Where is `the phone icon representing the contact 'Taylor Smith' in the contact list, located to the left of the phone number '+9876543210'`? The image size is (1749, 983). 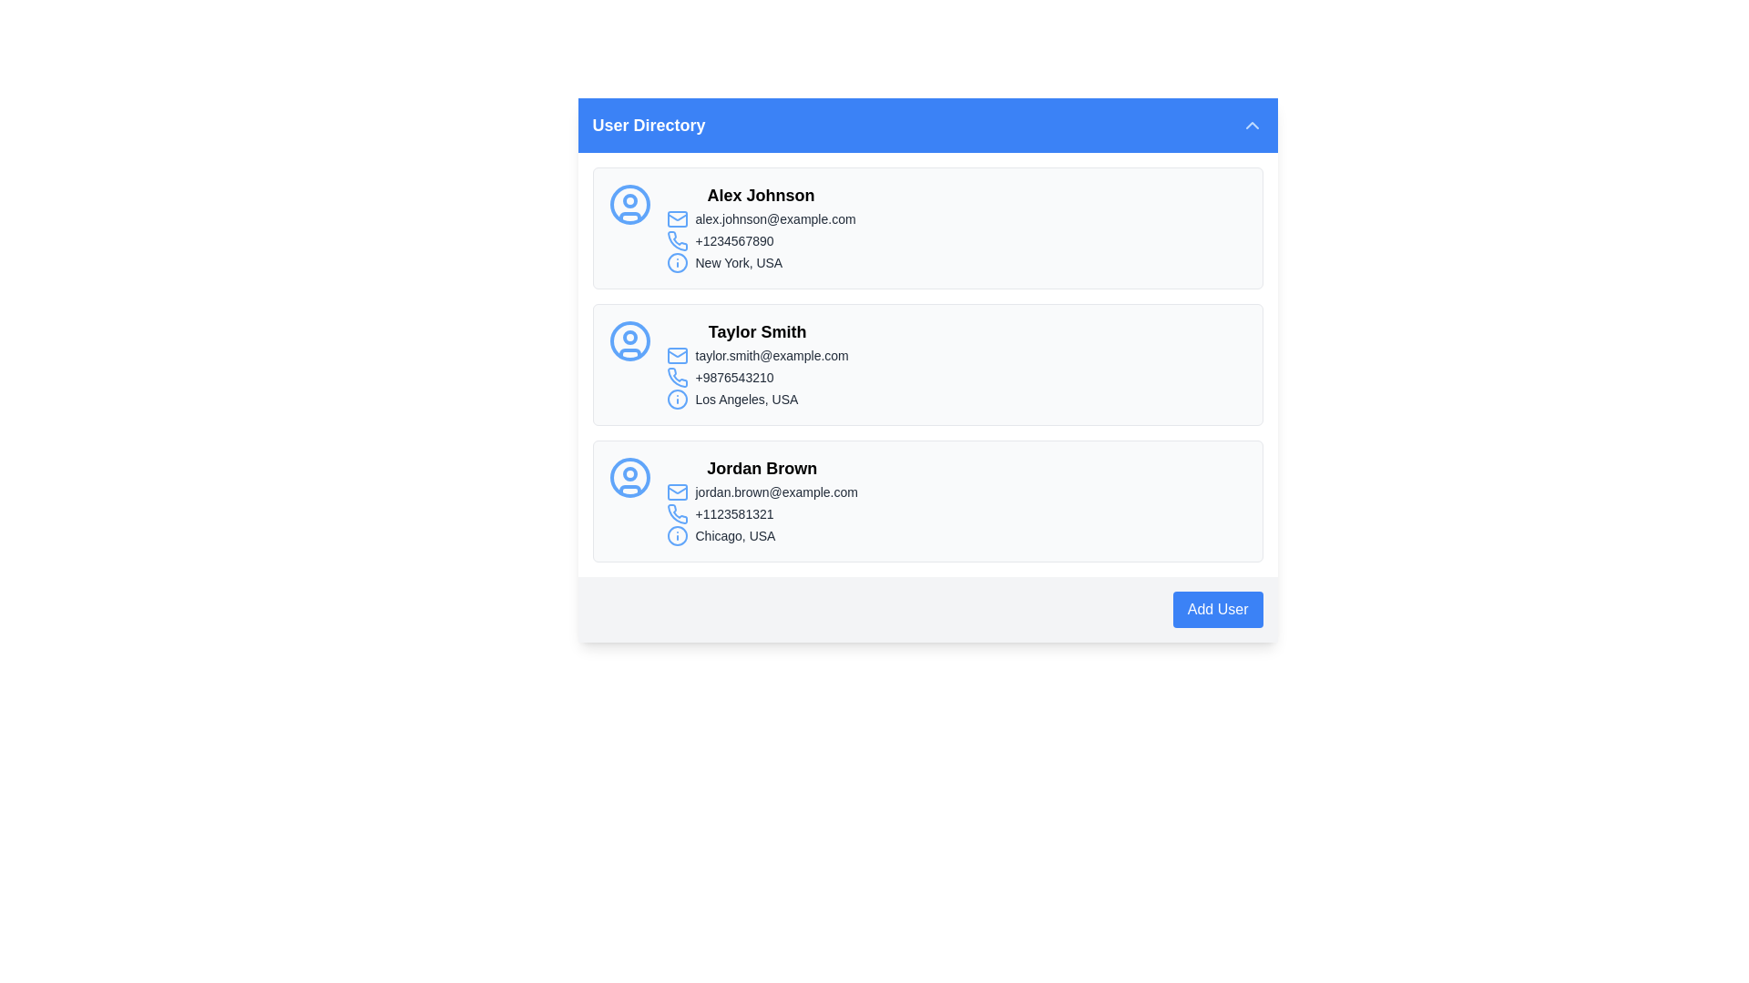
the phone icon representing the contact 'Taylor Smith' in the contact list, located to the left of the phone number '+9876543210' is located at coordinates (676, 377).